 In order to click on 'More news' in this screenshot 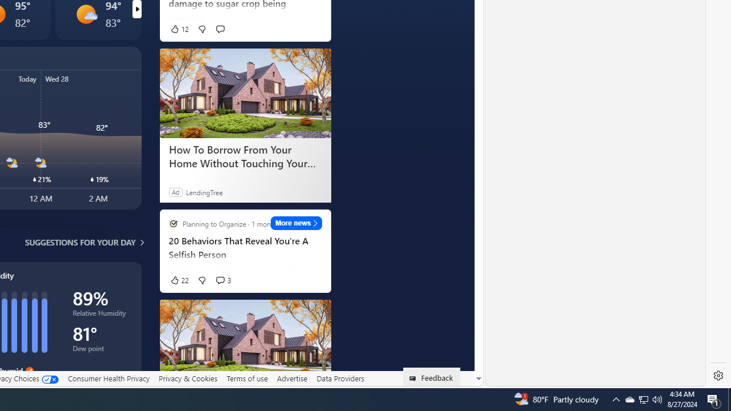, I will do `click(296, 223)`.